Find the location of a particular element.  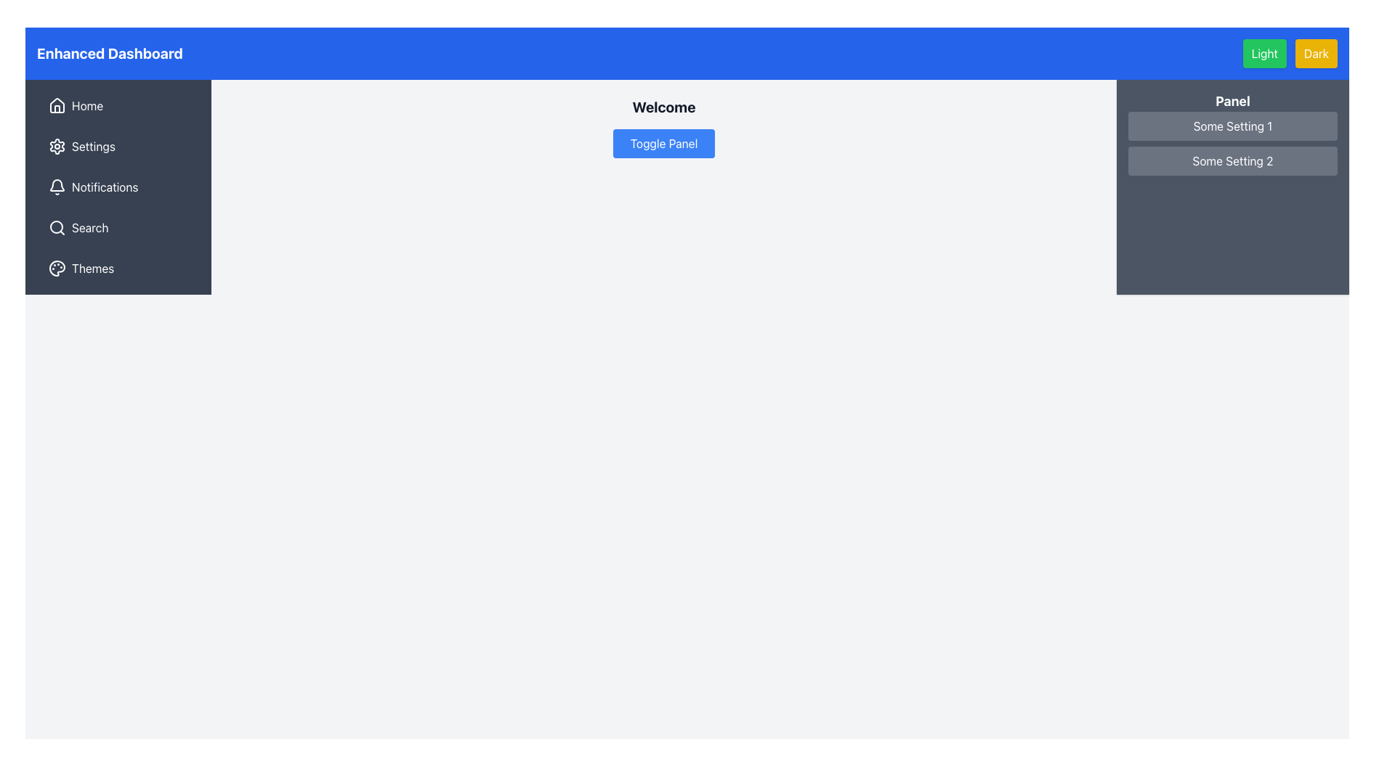

main title text element that serves as a welcoming message located above the subtitle labeled 'Toggle Panel' is located at coordinates (663, 106).